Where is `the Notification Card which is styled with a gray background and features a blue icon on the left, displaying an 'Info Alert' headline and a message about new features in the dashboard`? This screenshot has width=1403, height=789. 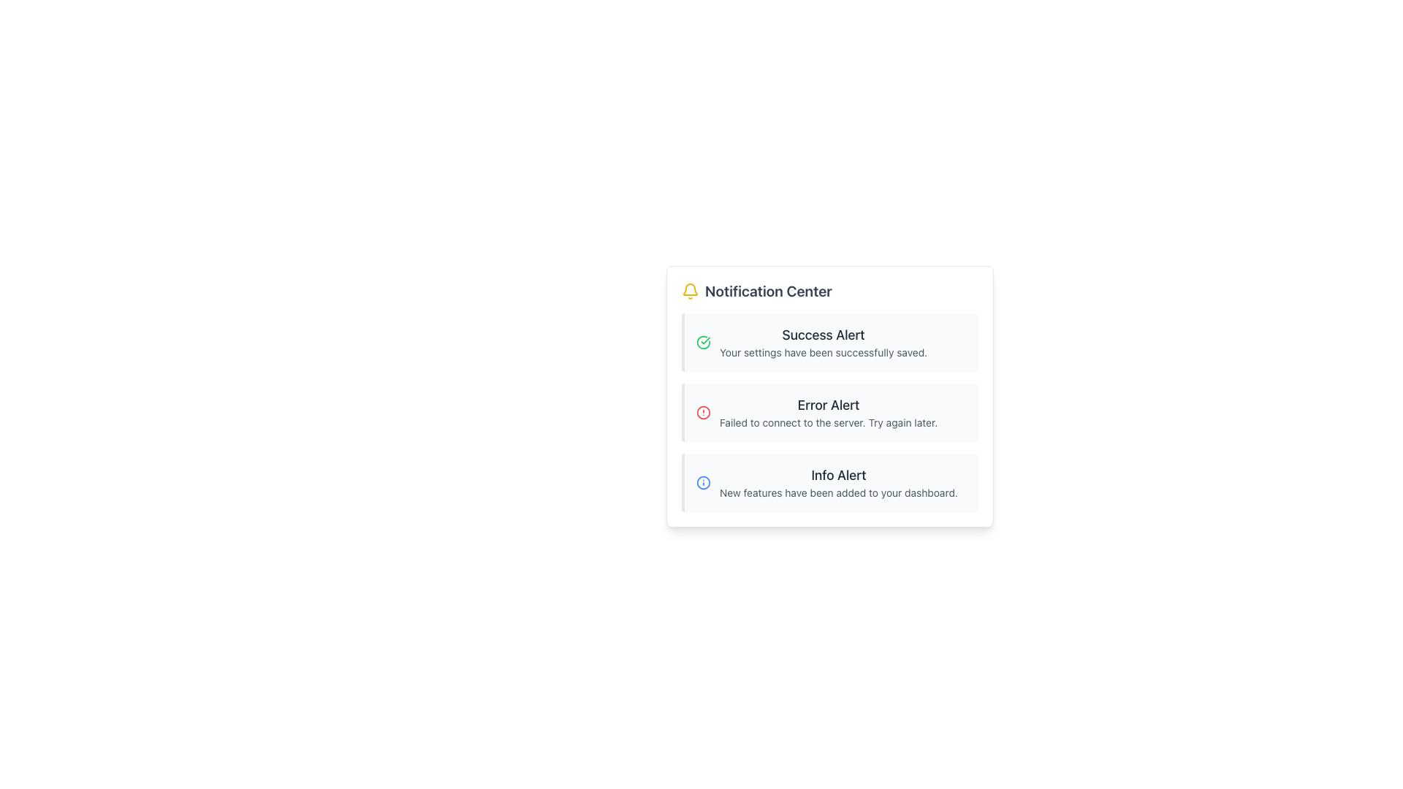
the Notification Card which is styled with a gray background and features a blue icon on the left, displaying an 'Info Alert' headline and a message about new features in the dashboard is located at coordinates (830, 482).